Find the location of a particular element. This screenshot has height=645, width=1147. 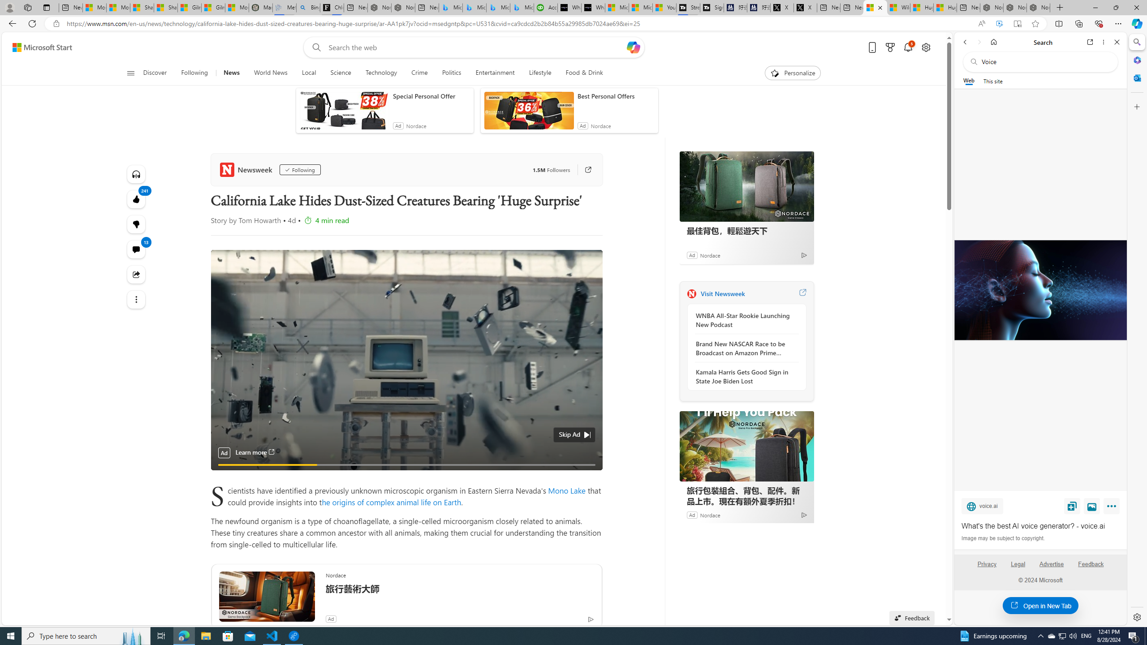

'Enhance video' is located at coordinates (999, 24).